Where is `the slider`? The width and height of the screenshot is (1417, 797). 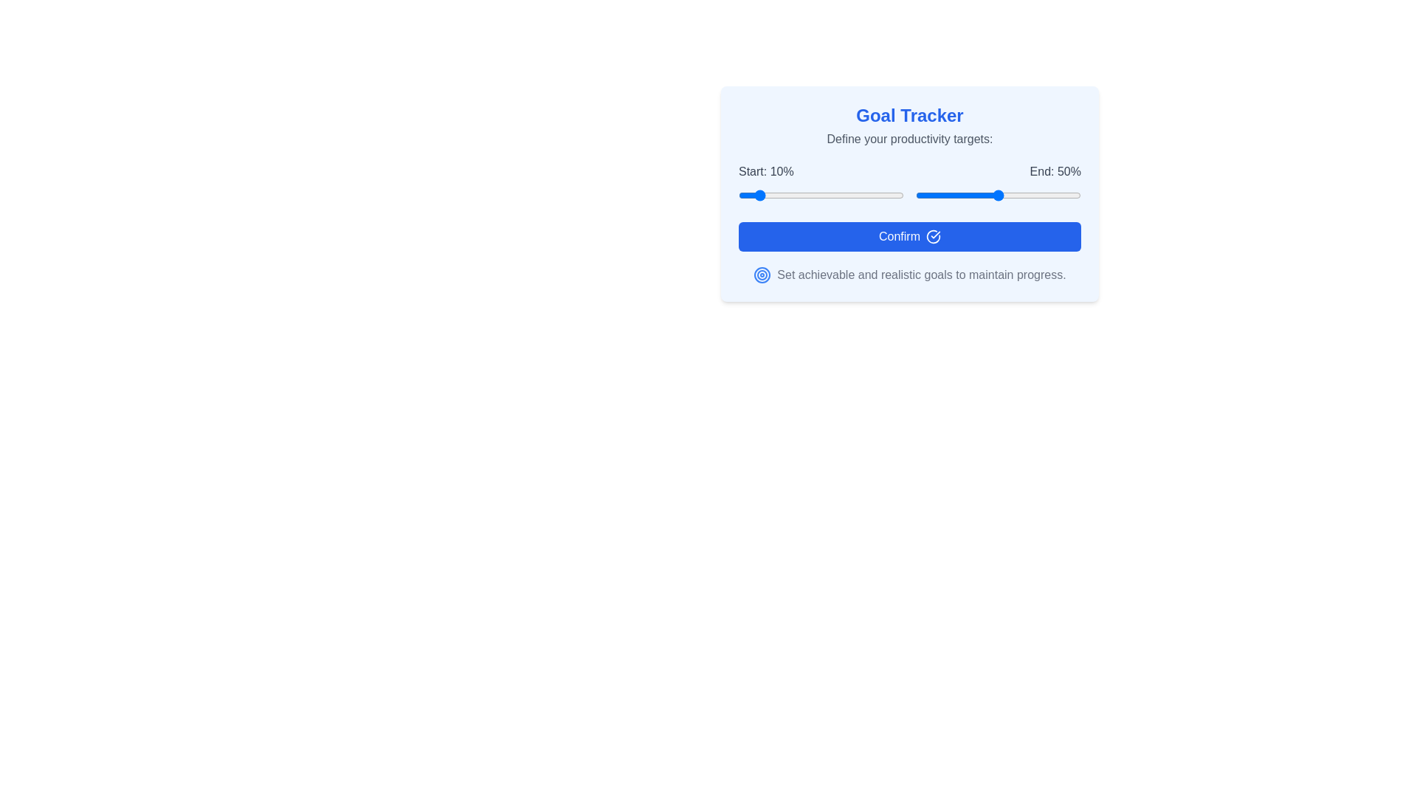
the slider is located at coordinates (959, 195).